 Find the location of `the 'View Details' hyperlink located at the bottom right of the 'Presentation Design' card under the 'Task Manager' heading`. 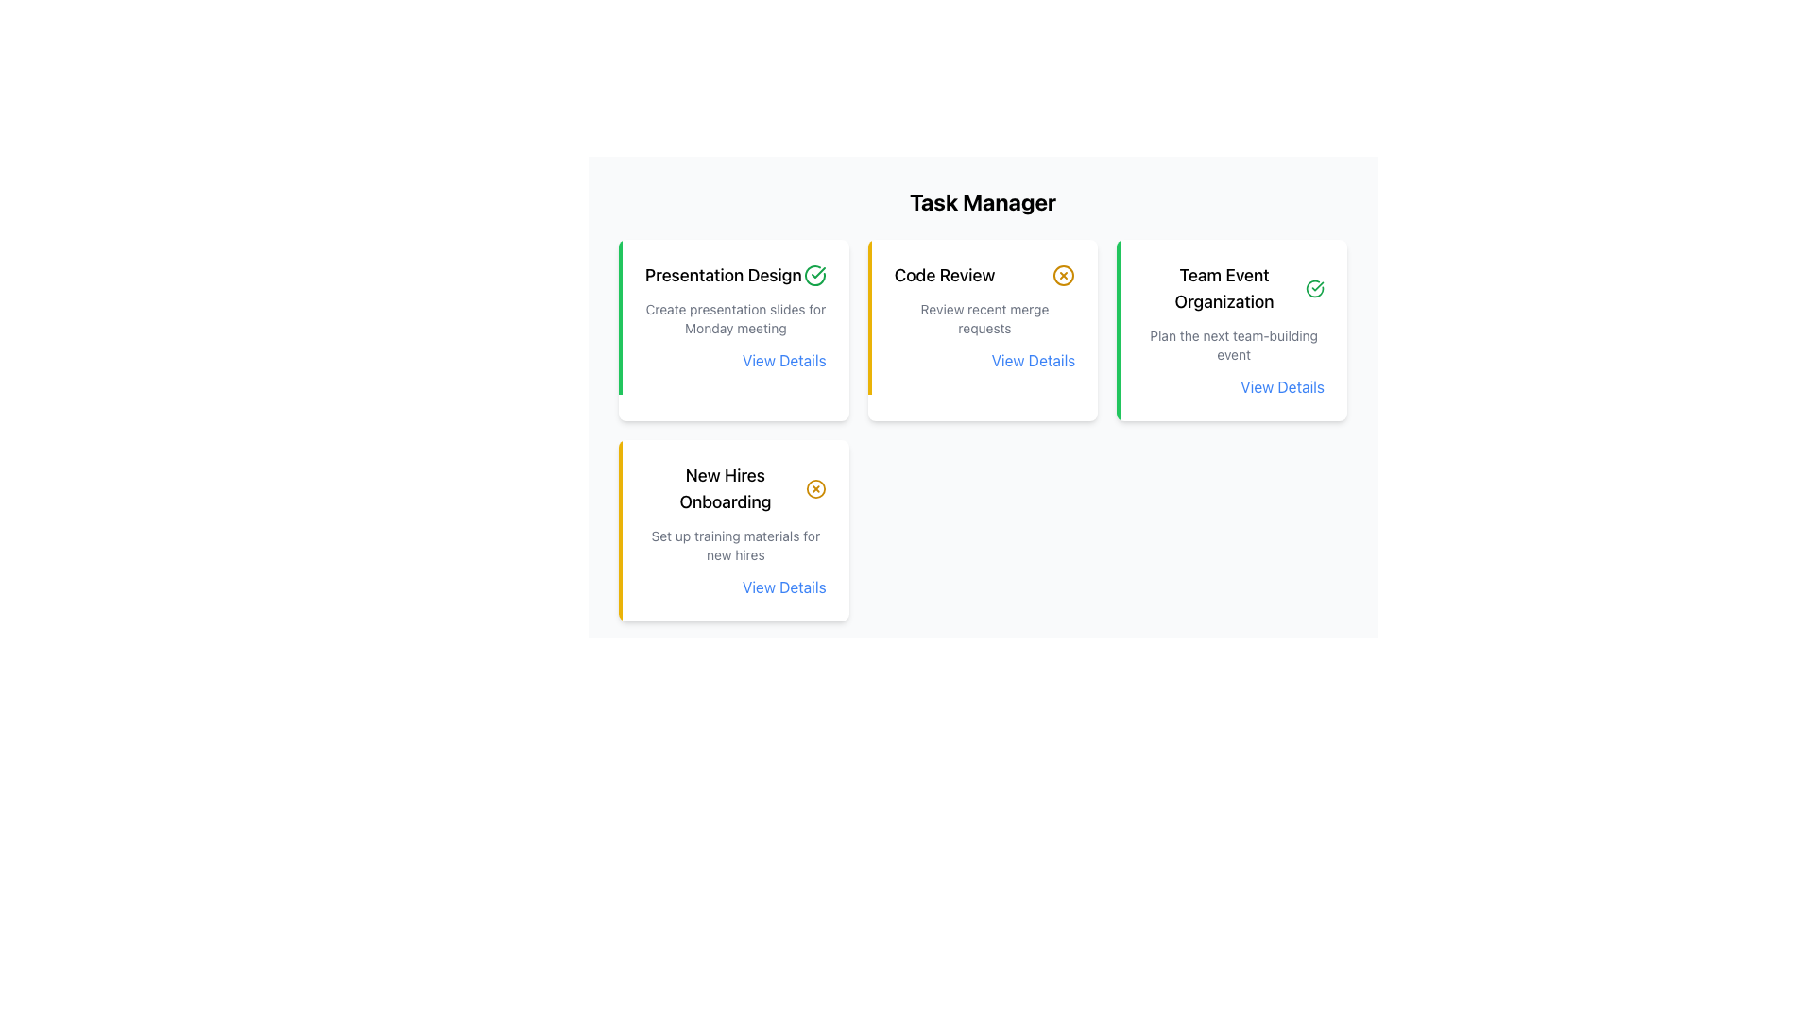

the 'View Details' hyperlink located at the bottom right of the 'Presentation Design' card under the 'Task Manager' heading is located at coordinates (734, 360).